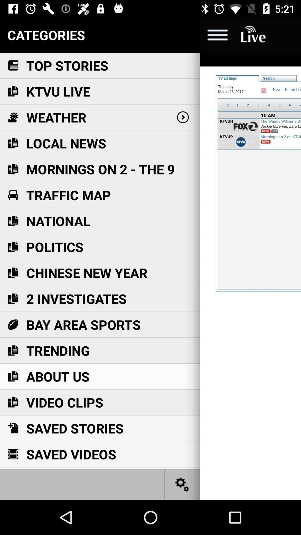 This screenshot has width=301, height=535. Describe the element at coordinates (182, 484) in the screenshot. I see `app settings` at that location.